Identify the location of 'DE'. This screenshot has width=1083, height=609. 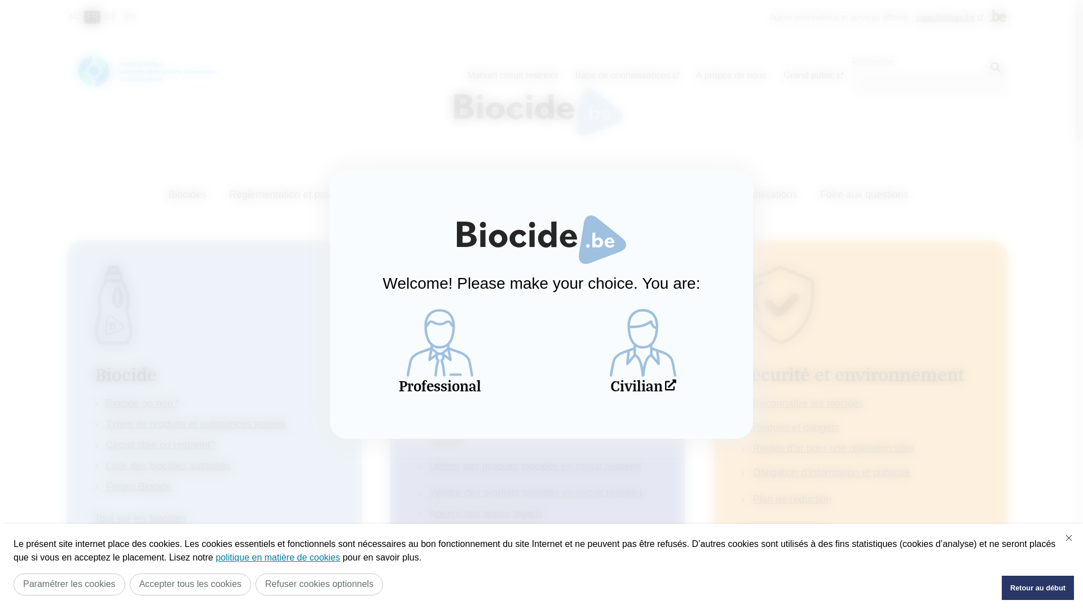
(111, 16).